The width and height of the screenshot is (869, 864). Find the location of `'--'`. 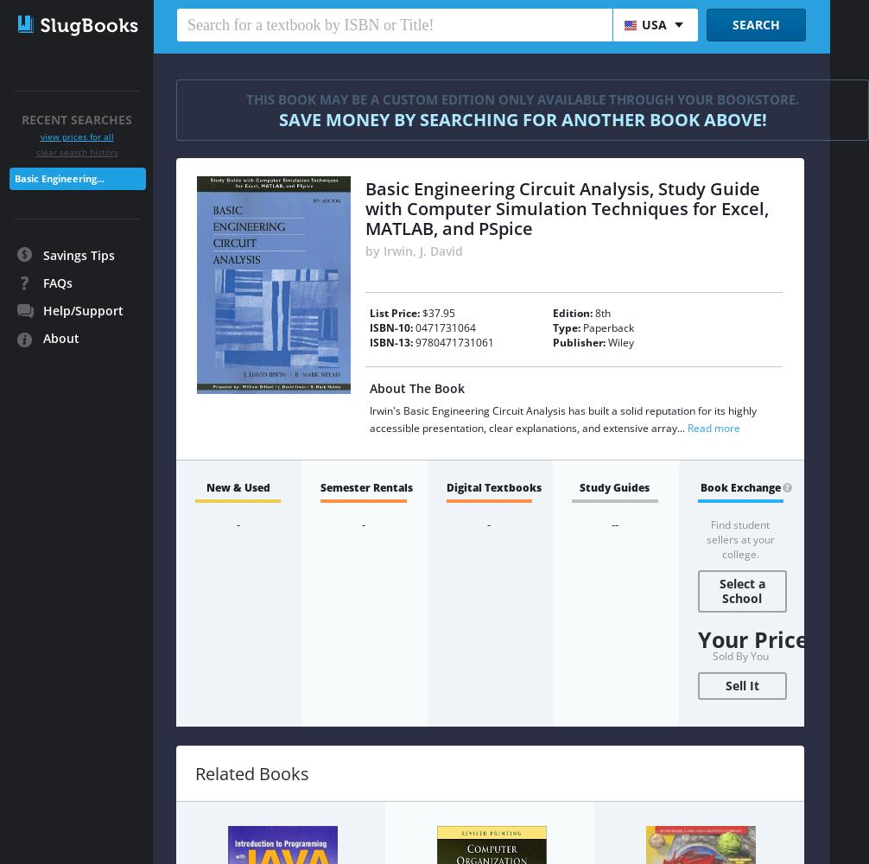

'--' is located at coordinates (611, 524).